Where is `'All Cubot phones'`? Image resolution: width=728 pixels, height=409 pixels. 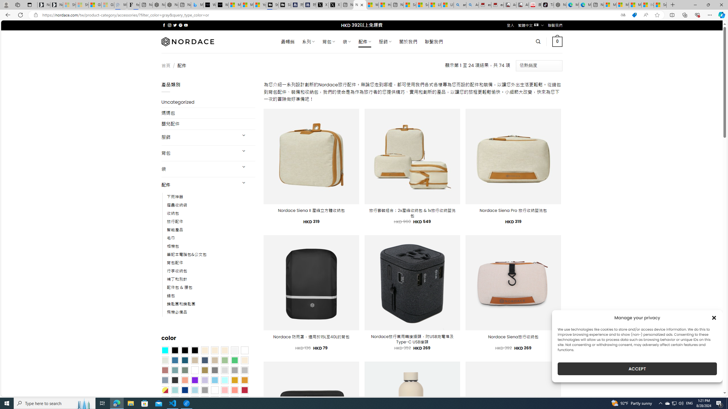 'All Cubot phones' is located at coordinates (523, 5).